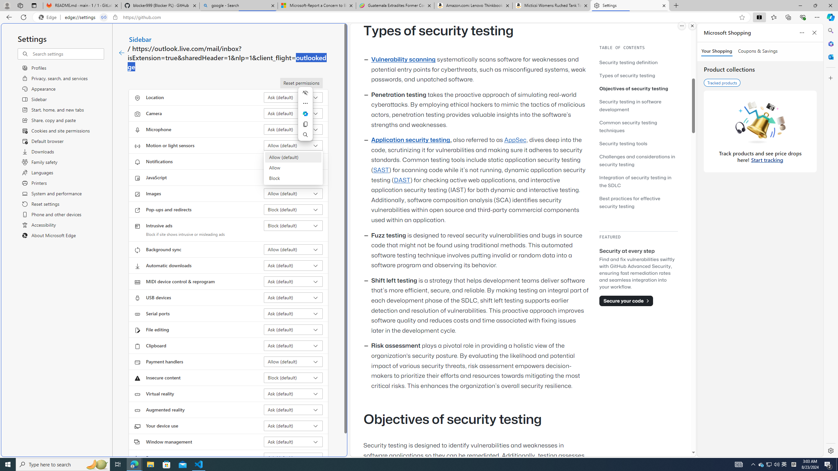 Image resolution: width=838 pixels, height=471 pixels. What do you see at coordinates (293, 249) in the screenshot?
I see `'Background sync Allow (default)'` at bounding box center [293, 249].